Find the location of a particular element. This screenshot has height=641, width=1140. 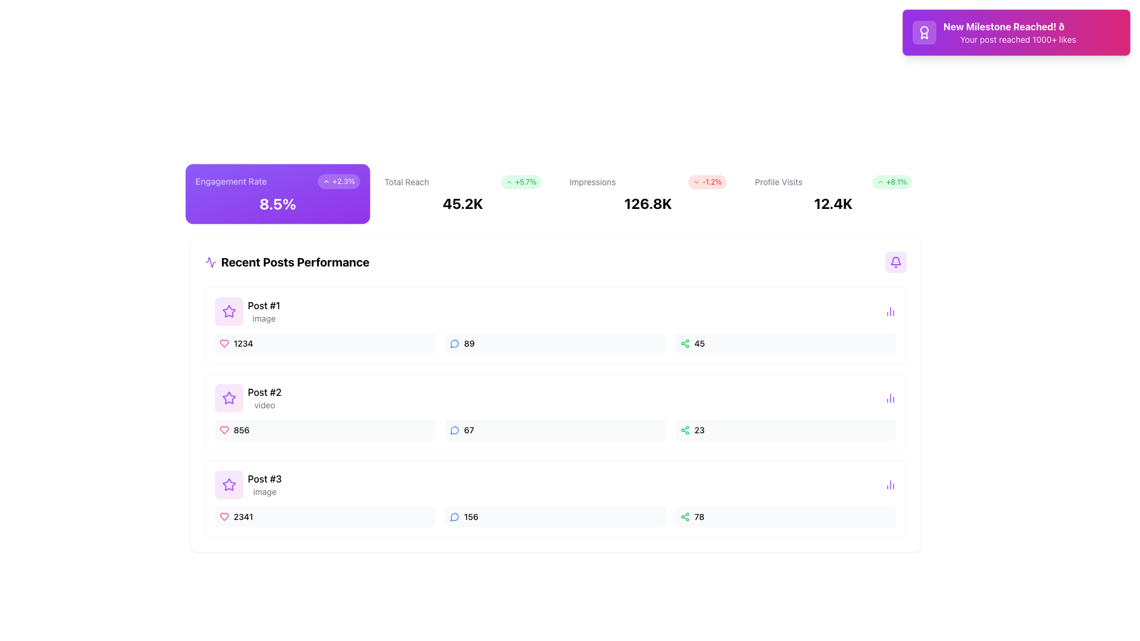

the static text label that specifies the content type 'image' associated with Post #3, located in the 'Recent Posts Performance' section is located at coordinates (264, 492).